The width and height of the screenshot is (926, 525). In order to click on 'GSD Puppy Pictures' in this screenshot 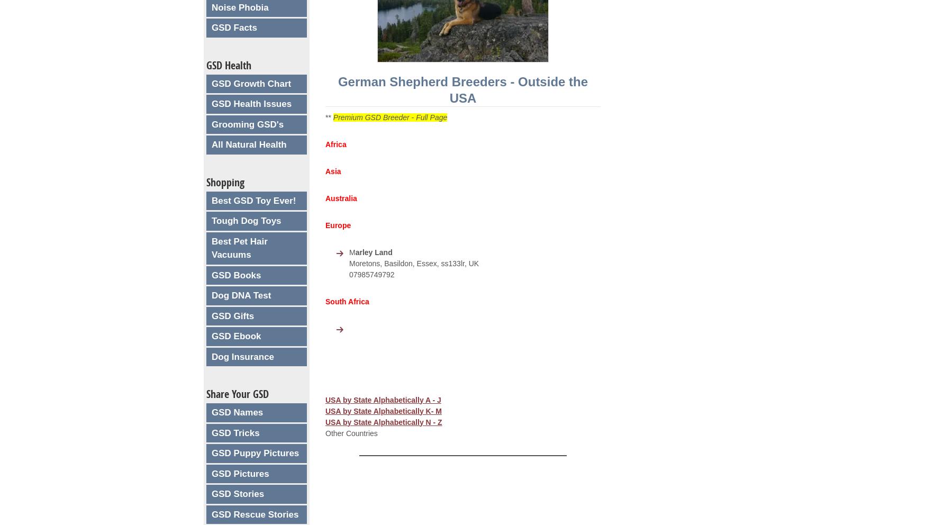, I will do `click(211, 452)`.